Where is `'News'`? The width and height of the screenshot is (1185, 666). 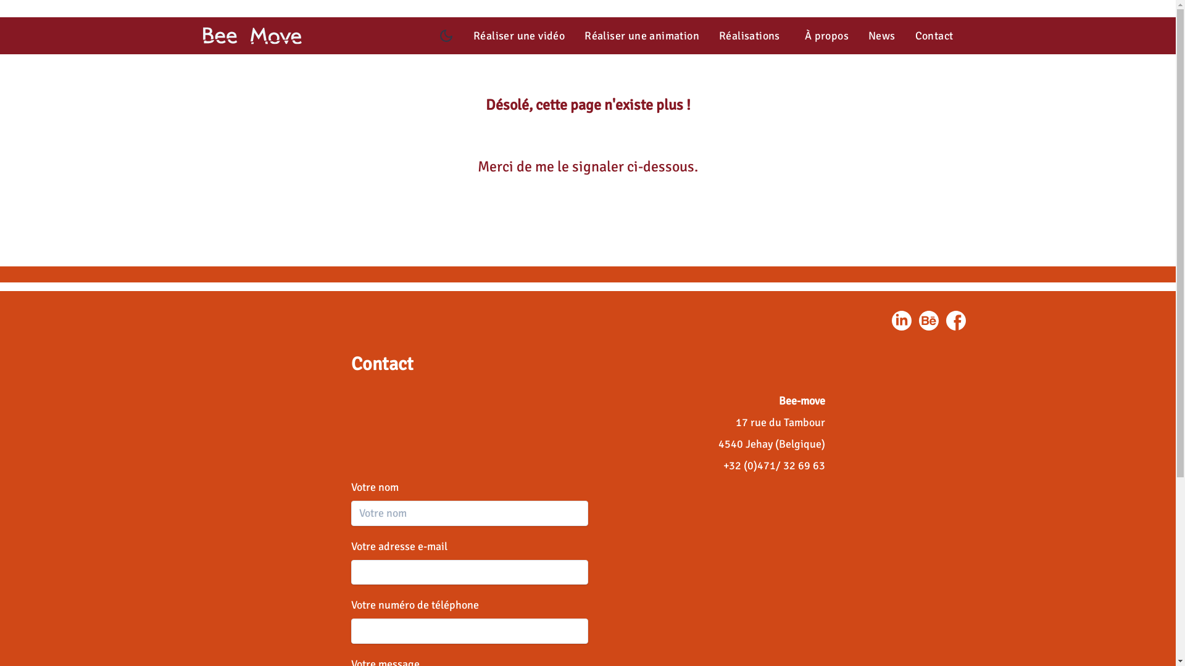 'News' is located at coordinates (881, 35).